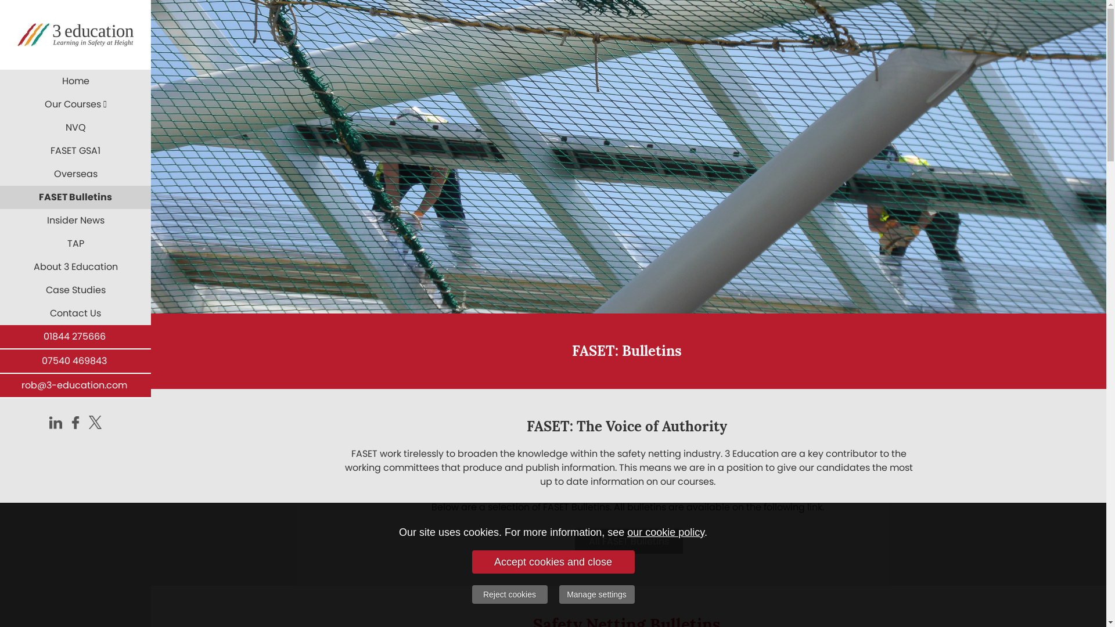 This screenshot has height=627, width=1115. I want to click on 'Overseas', so click(74, 174).